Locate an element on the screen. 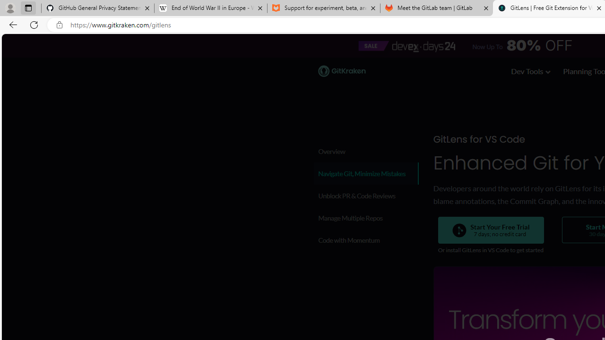 This screenshot has height=340, width=605. 'Unblock PR & Code Reviews' is located at coordinates (365, 195).